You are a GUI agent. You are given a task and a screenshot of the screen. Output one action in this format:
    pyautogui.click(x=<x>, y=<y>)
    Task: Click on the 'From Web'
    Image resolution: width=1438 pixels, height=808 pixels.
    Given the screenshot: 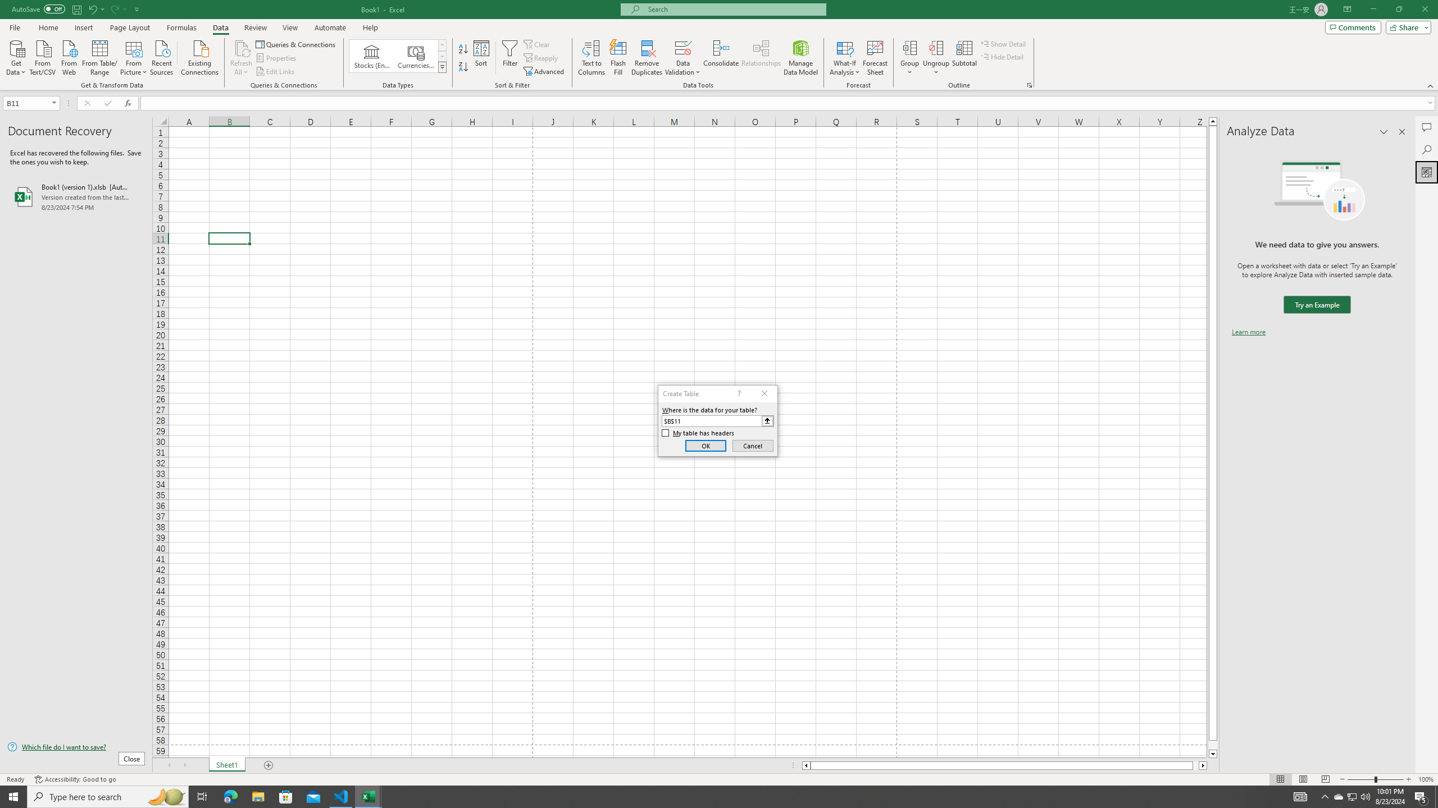 What is the action you would take?
    pyautogui.click(x=69, y=56)
    